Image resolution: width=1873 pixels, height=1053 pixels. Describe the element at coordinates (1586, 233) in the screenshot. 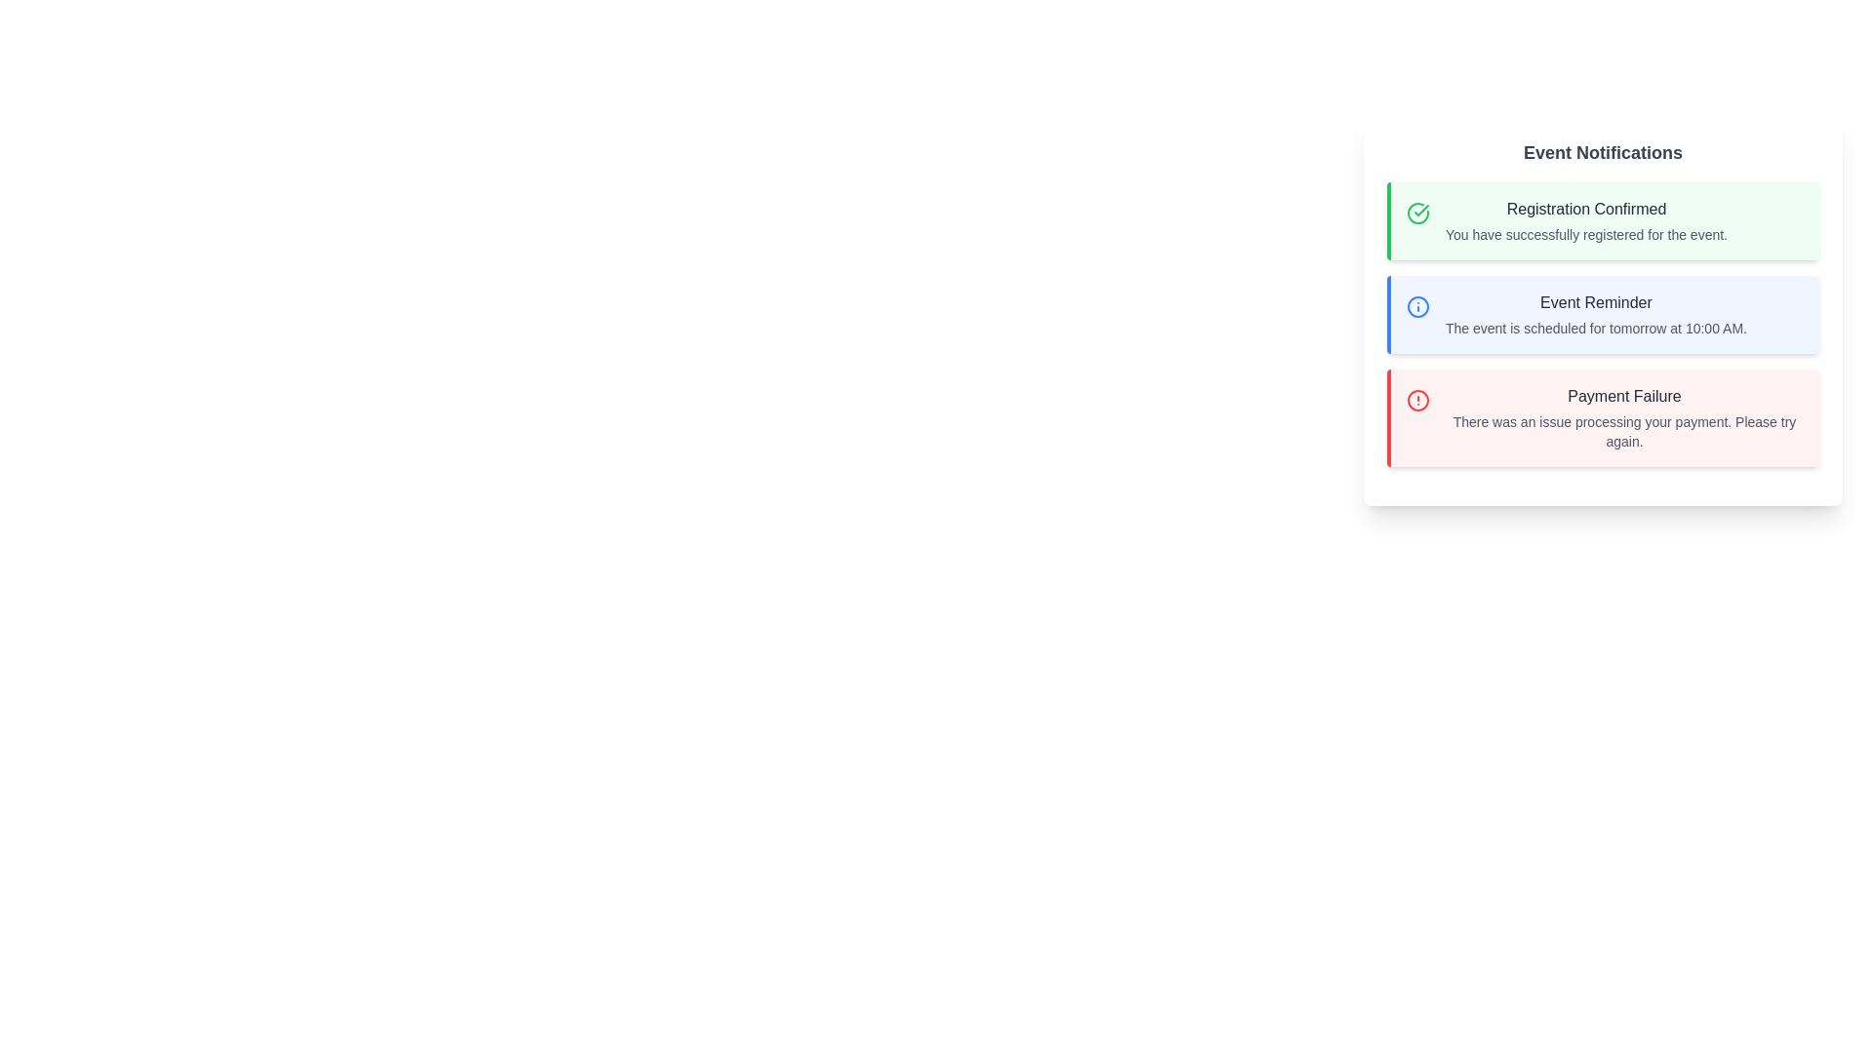

I see `the confirmation message text label that indicates successful registration for an event, located in the green notification card at the top of the section` at that location.